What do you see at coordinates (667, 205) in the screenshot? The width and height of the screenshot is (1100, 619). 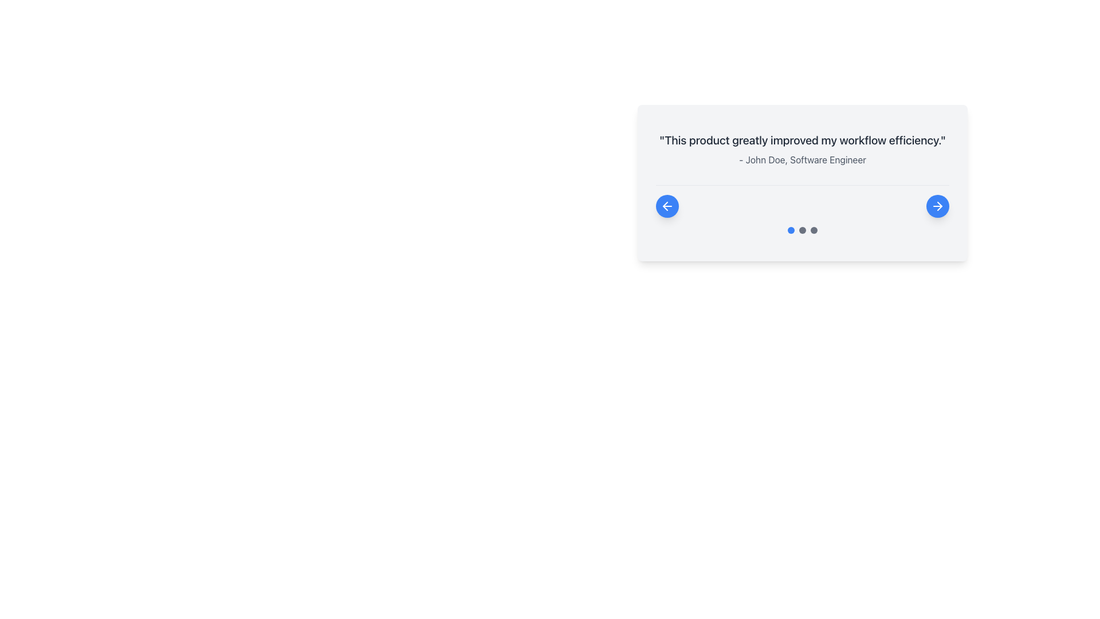 I see `the circular blue button with a white left arrow icon, located beside the text testimonial` at bounding box center [667, 205].